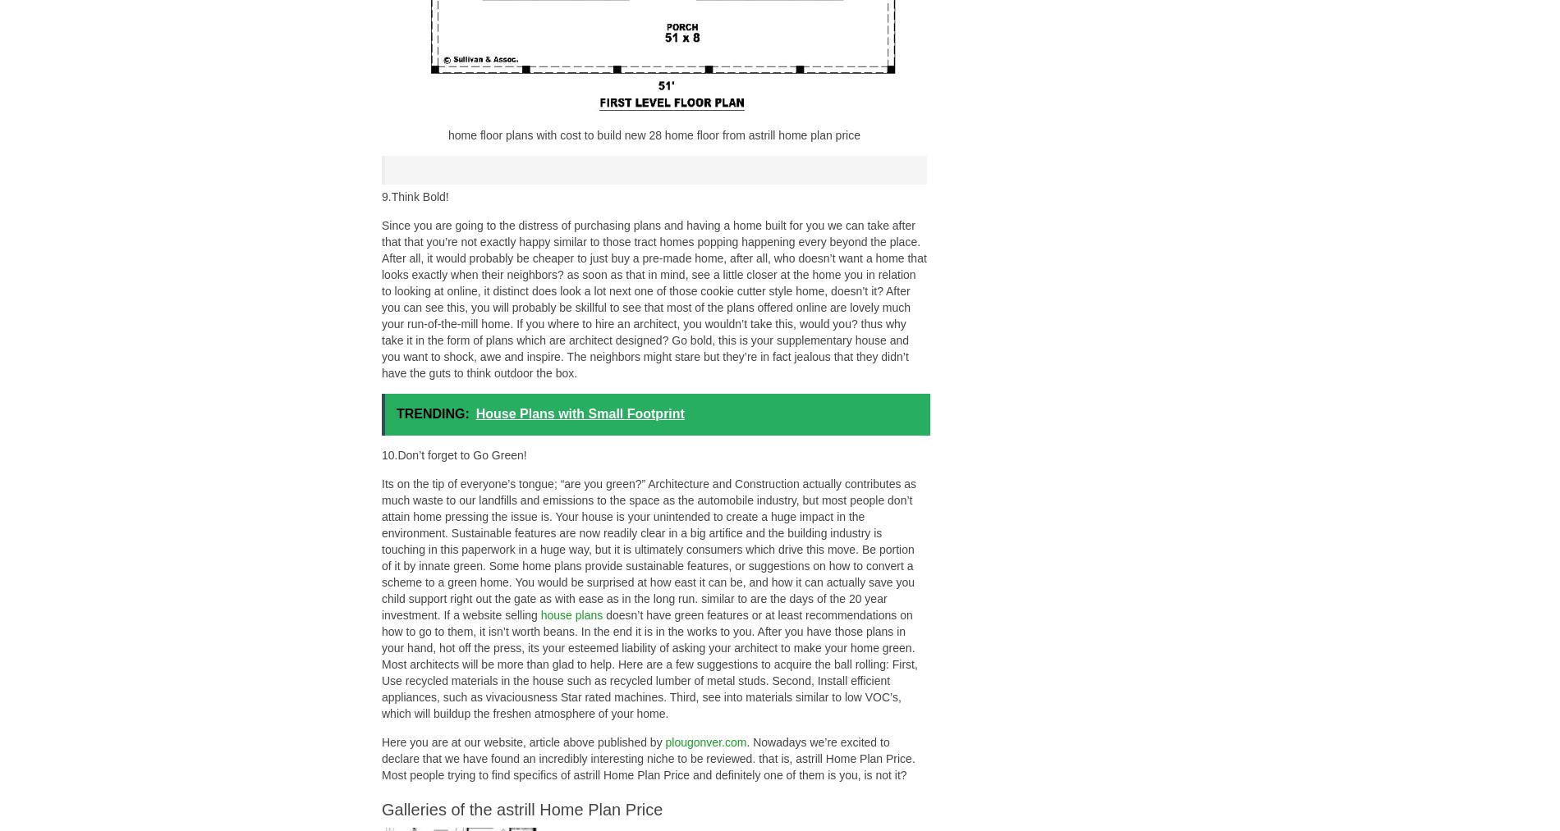 The image size is (1560, 831). What do you see at coordinates (653, 299) in the screenshot?
I see `'Since you are going to the distress of purchasing plans and having a home built for you we can take after that that you’re not exactly happy similar to those tract homes popping happening every beyond the place. After all, it would probably be cheaper to just buy a pre-made home, after all, who doesn’t want a home that looks exactly when their neighbors? as soon as that in mind, see a little closer at the home you in relation to looking at online, it distinct does look a lot next one of those cookie cutter style home, doesn’t it? After you can see this, you will probably be skillful to see that most of the plans offered online are lovely much your run-of-the-mill home. If you where to hire an architect, you wouldn’t take this, would you? thus why take it in the form of plans which are architect designed? Go bold, this is your supplementary house and you want to shock, awe and inspire. The neighbors might stare but they’re in fact jealous that they didn’t have the guts to think outdoor the box.'` at bounding box center [653, 299].